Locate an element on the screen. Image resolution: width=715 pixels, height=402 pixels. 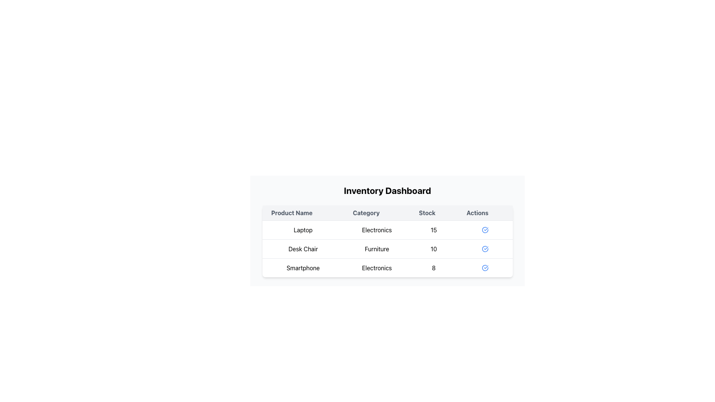
the first row of the inventory table which displays detailed information about the 'Laptop' item is located at coordinates (387, 229).